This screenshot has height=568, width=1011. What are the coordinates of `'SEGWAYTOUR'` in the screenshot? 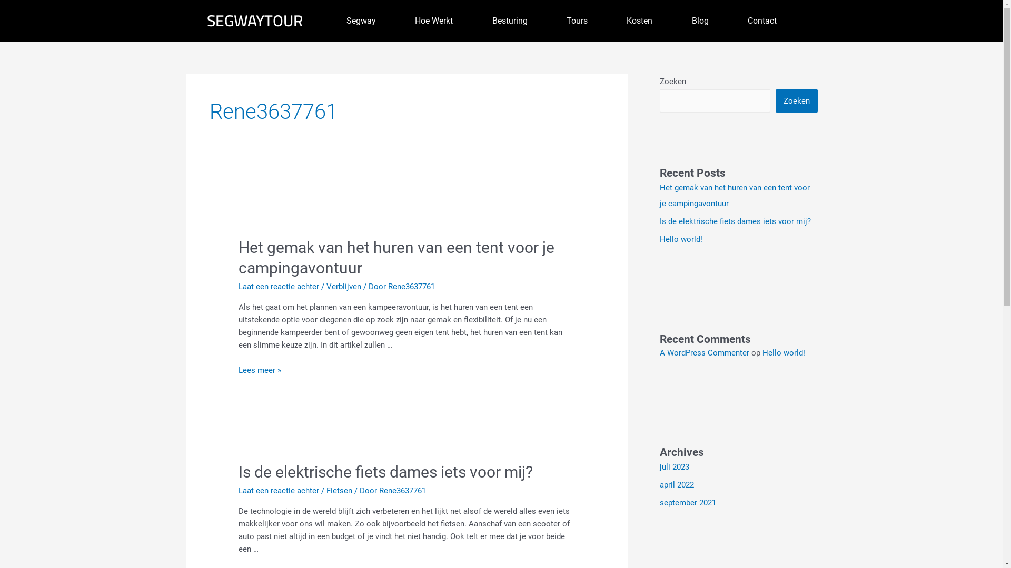 It's located at (254, 20).